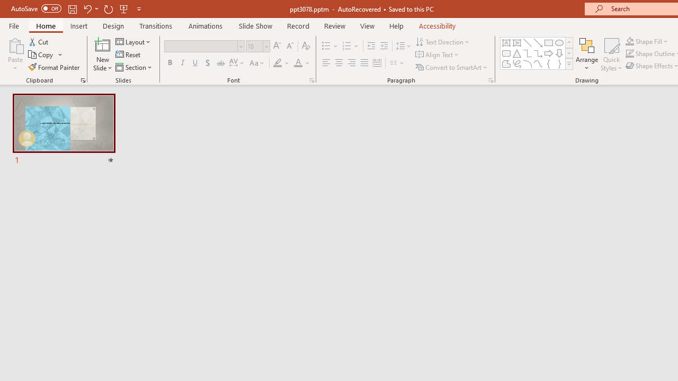 The image size is (678, 381). I want to click on 'Shape Outline Green, Accent 1', so click(630, 53).